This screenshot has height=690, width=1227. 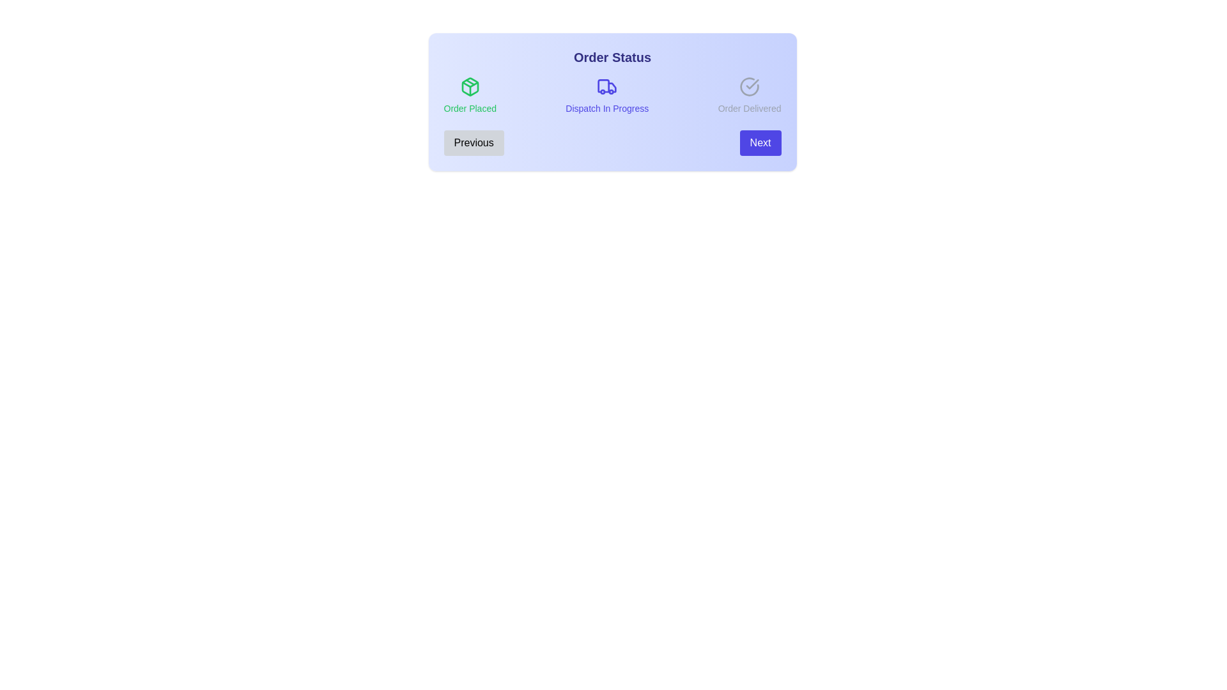 I want to click on displayed information from the Progress Tracker, which is centrally located and indicates the current stage of an order with a highlighted middle section, so click(x=612, y=101).